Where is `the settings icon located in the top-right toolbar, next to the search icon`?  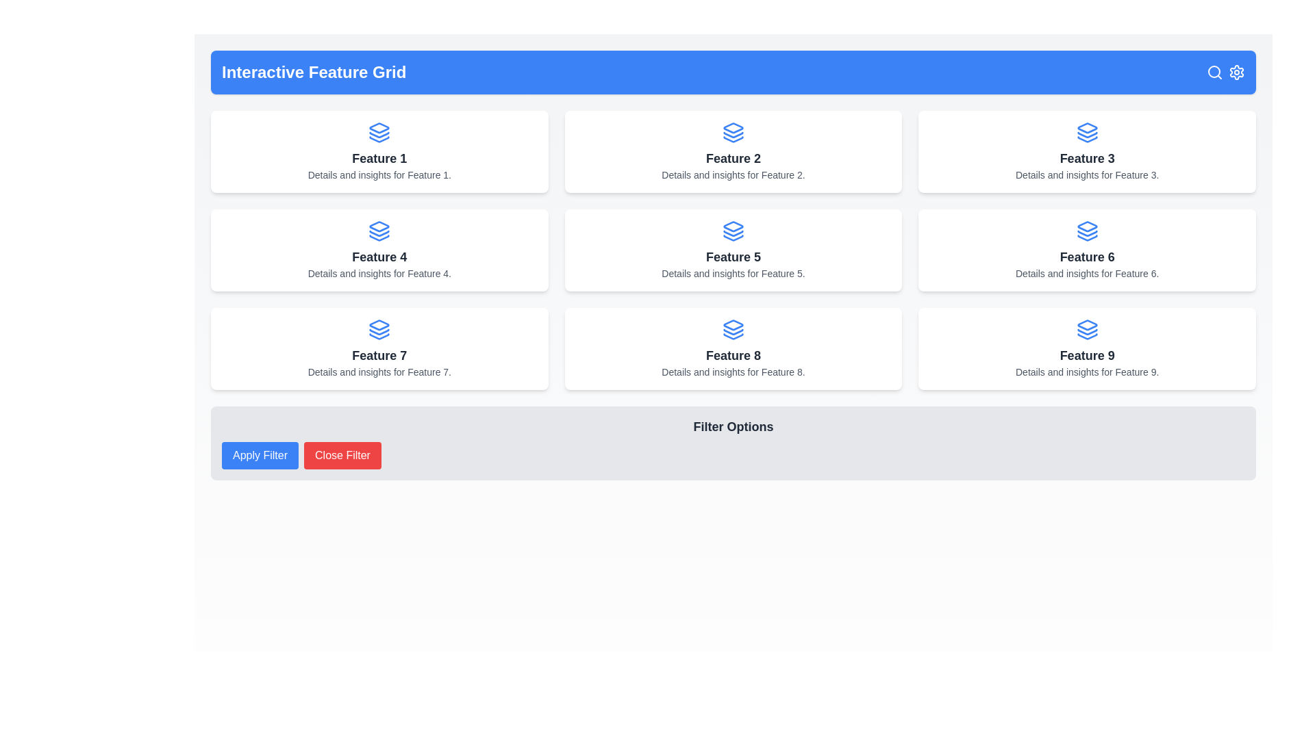 the settings icon located in the top-right toolbar, next to the search icon is located at coordinates (1236, 72).